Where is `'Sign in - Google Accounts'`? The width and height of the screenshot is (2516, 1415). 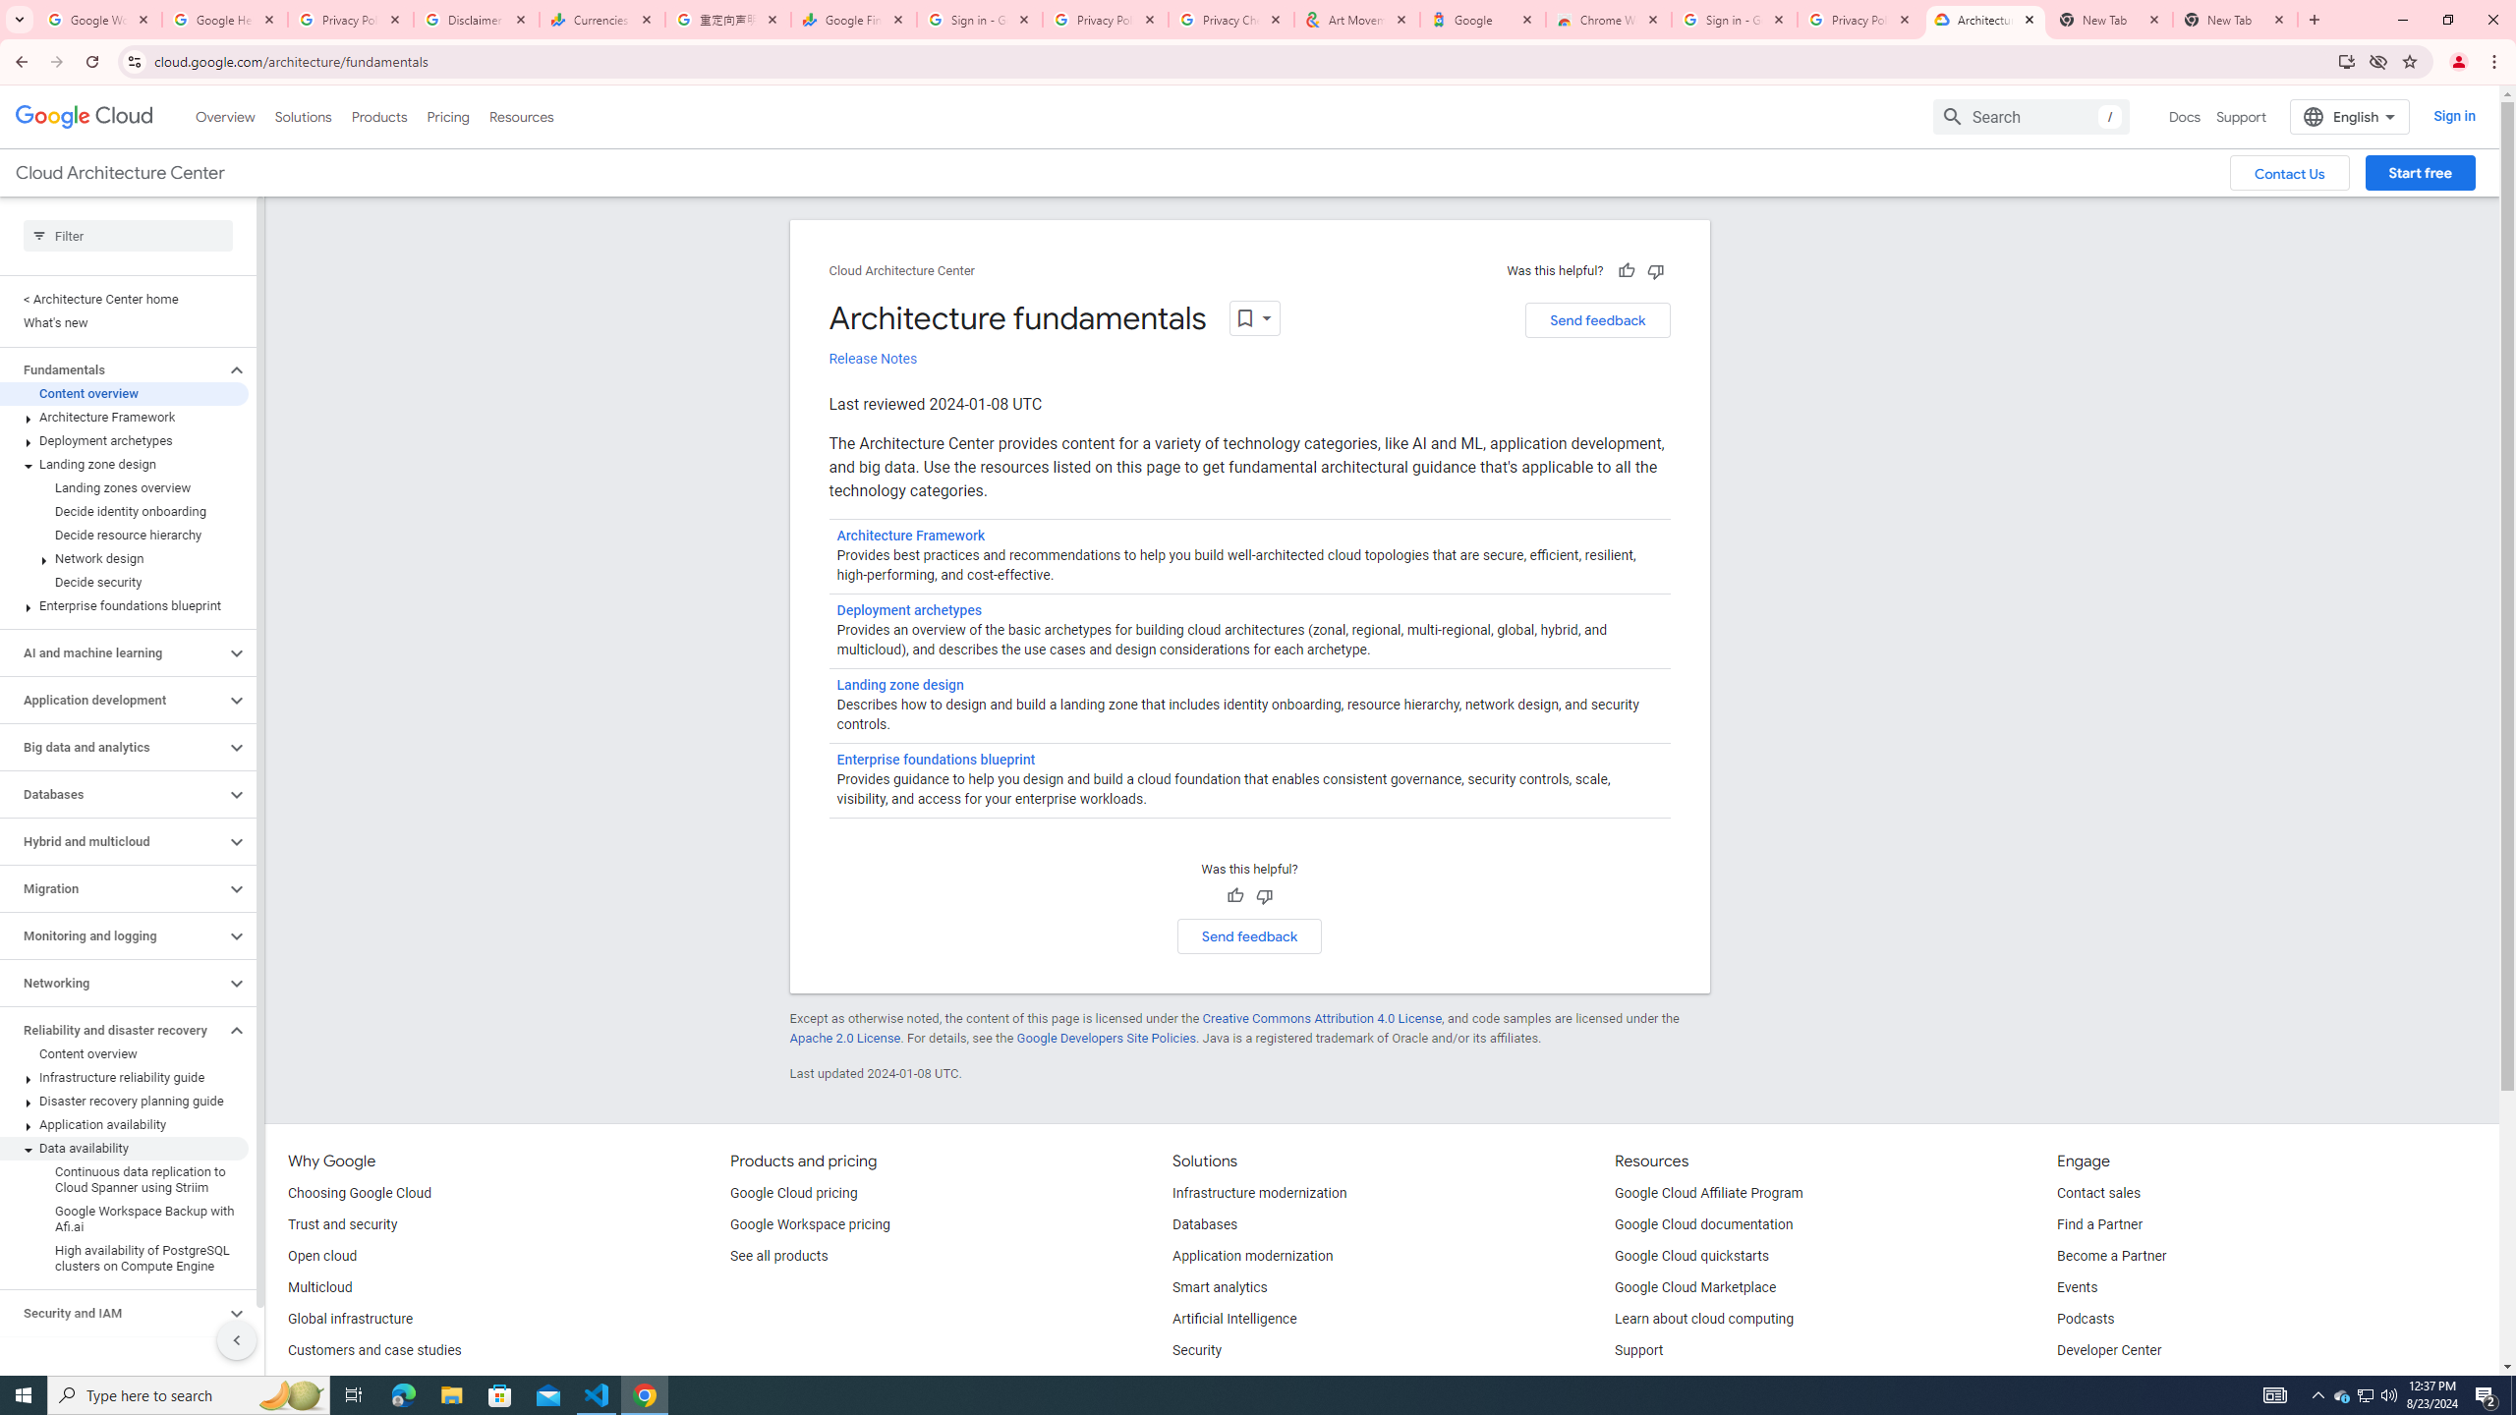 'Sign in - Google Accounts' is located at coordinates (1735, 19).